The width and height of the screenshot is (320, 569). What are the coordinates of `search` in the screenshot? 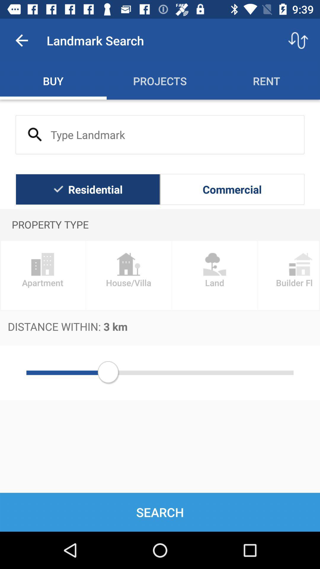 It's located at (160, 134).